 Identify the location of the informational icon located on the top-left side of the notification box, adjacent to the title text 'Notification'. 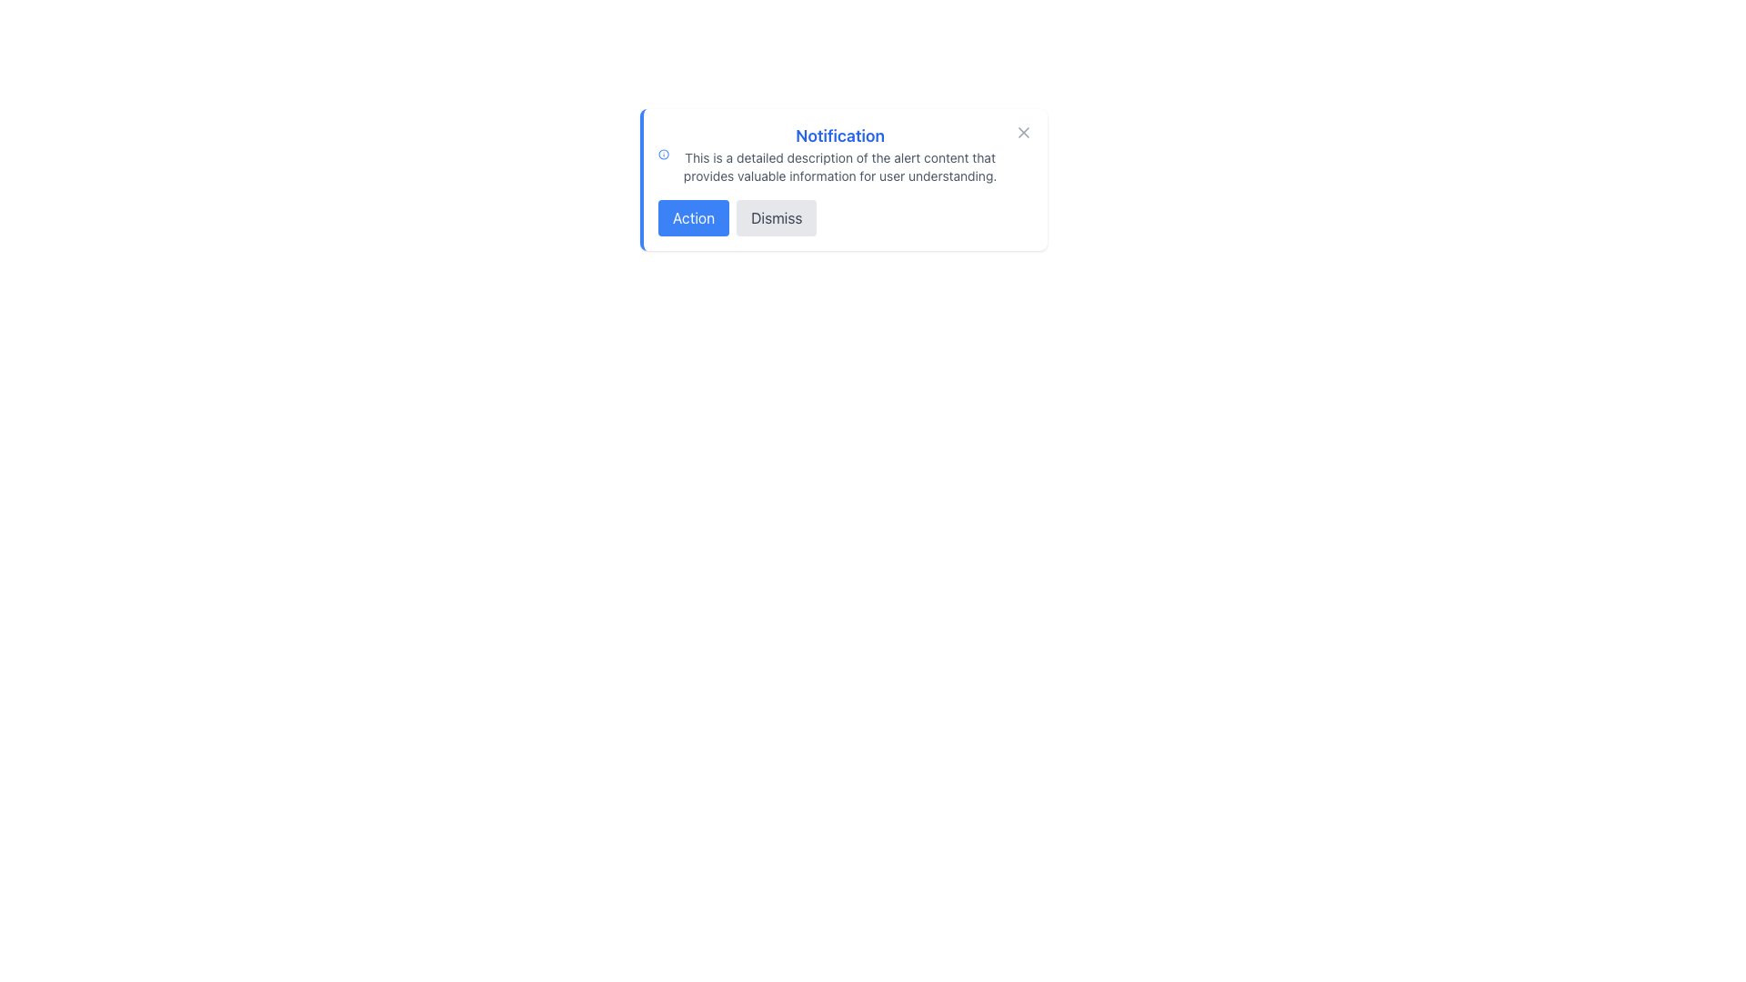
(663, 153).